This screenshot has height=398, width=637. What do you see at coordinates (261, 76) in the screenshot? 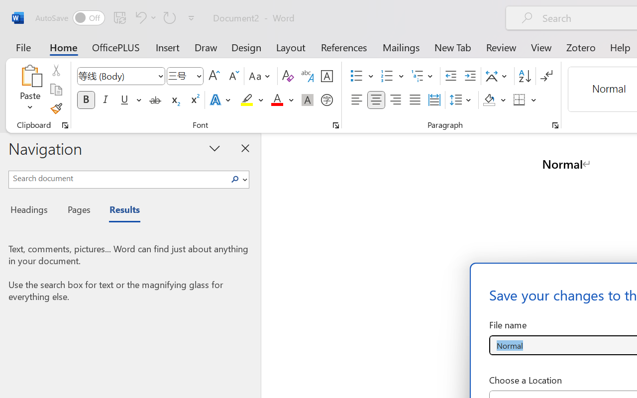
I see `'Change Case'` at bounding box center [261, 76].